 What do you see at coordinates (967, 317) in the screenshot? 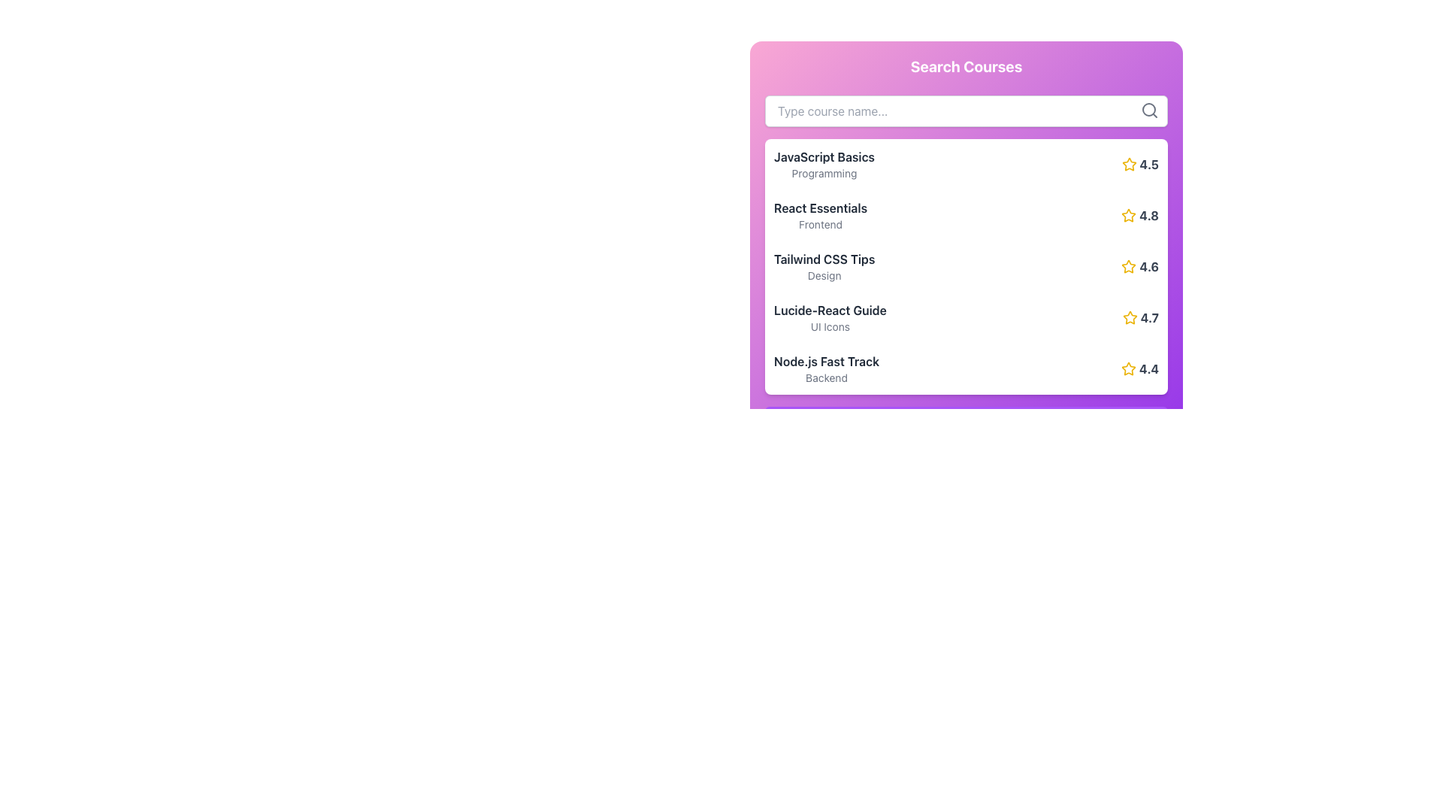
I see `the fourth row of the course list that displays 'Lucide-React Guide' with a rating of 4.7` at bounding box center [967, 317].